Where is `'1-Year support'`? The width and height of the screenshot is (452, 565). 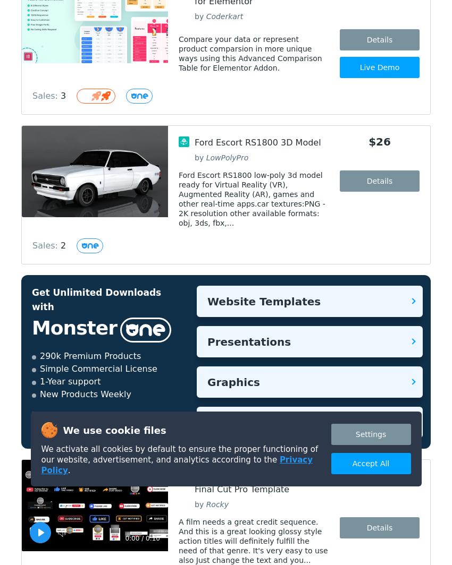
'1-Year support' is located at coordinates (39, 381).